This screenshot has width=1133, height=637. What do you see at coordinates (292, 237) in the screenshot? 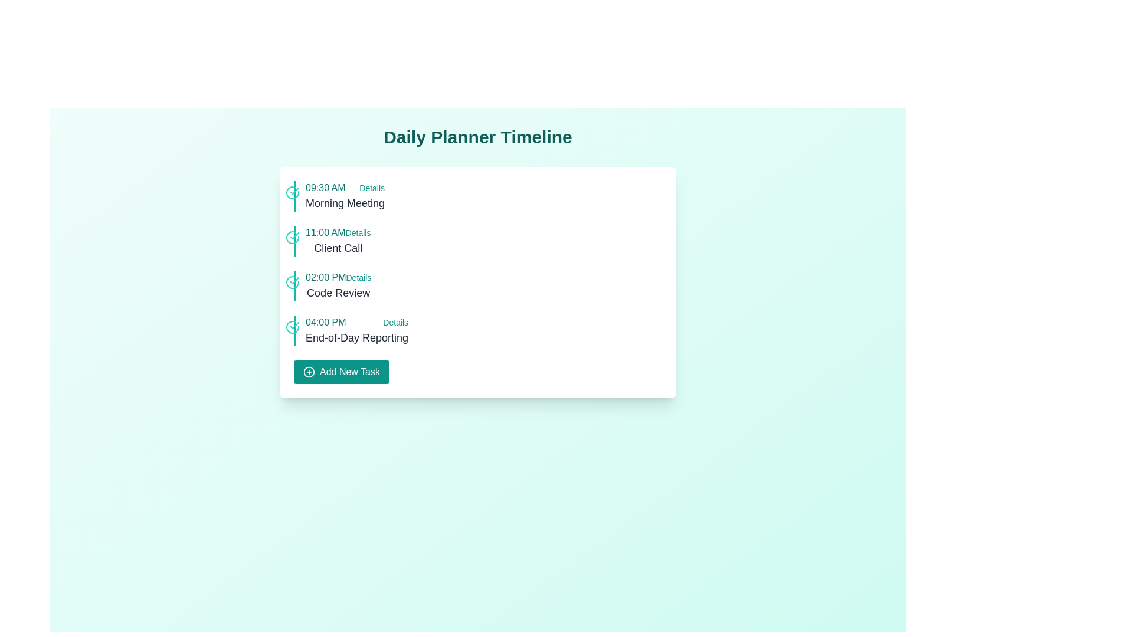
I see `the decorative icon indicating the '11:00 AM Client Call' event in the timeline interface, located immediately to the left of the corresponding text` at bounding box center [292, 237].